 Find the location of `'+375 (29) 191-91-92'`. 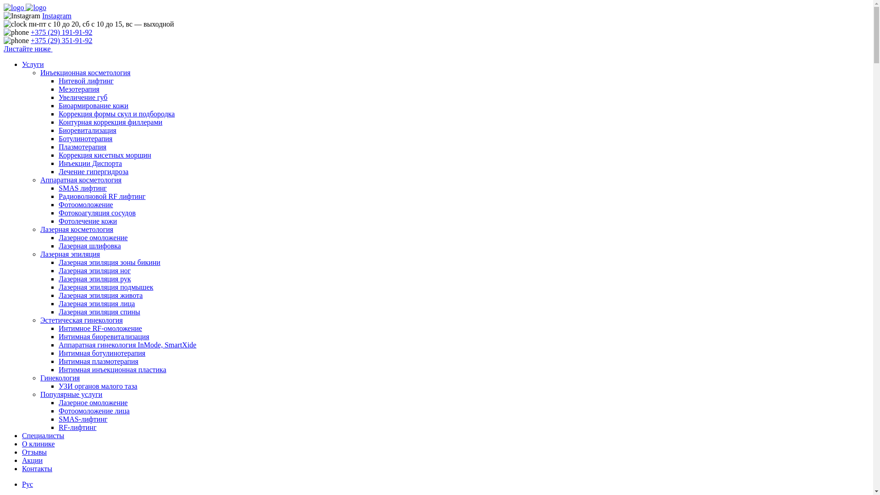

'+375 (29) 191-91-92' is located at coordinates (31, 32).